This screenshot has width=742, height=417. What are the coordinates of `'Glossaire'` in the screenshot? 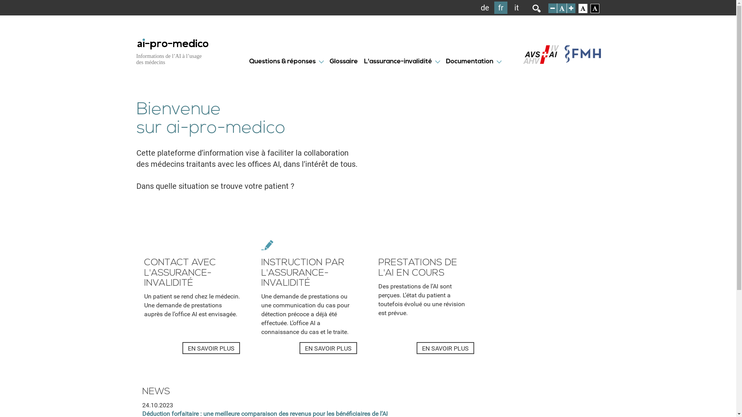 It's located at (343, 61).